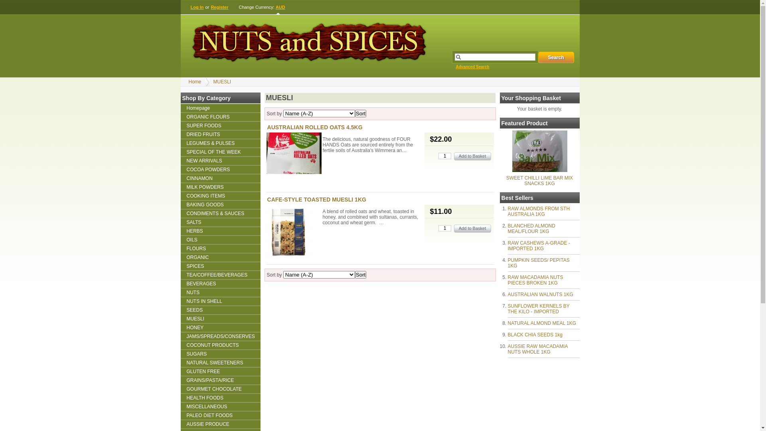 The height and width of the screenshot is (431, 766). What do you see at coordinates (220, 178) in the screenshot?
I see `'CINNAMON'` at bounding box center [220, 178].